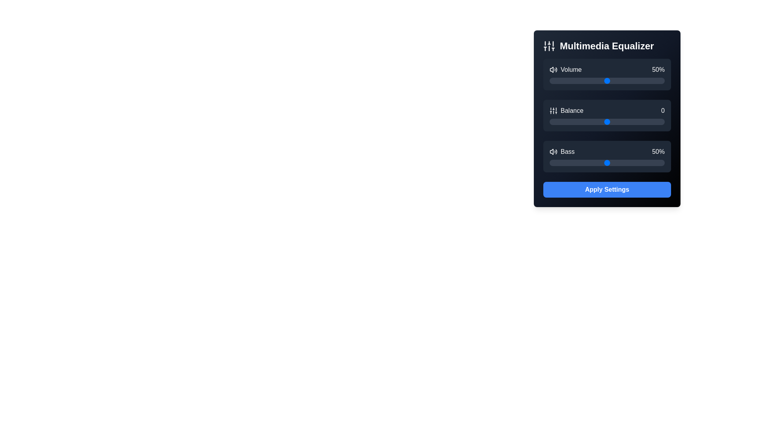  I want to click on the balance, so click(653, 121).